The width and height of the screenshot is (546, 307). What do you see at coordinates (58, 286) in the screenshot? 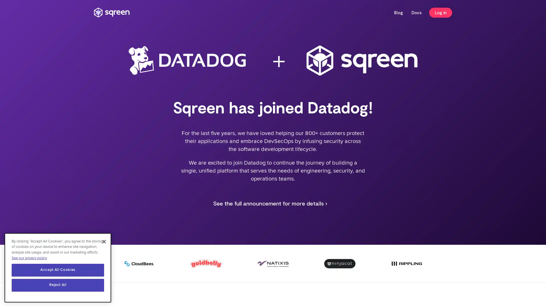
I see `Reject All` at bounding box center [58, 286].